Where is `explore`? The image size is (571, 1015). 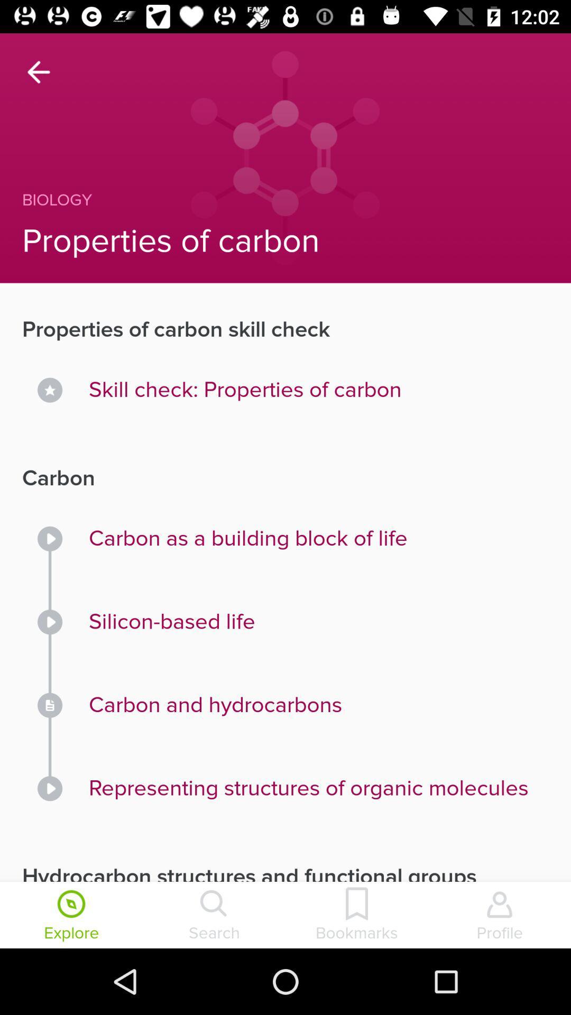 explore is located at coordinates (71, 916).